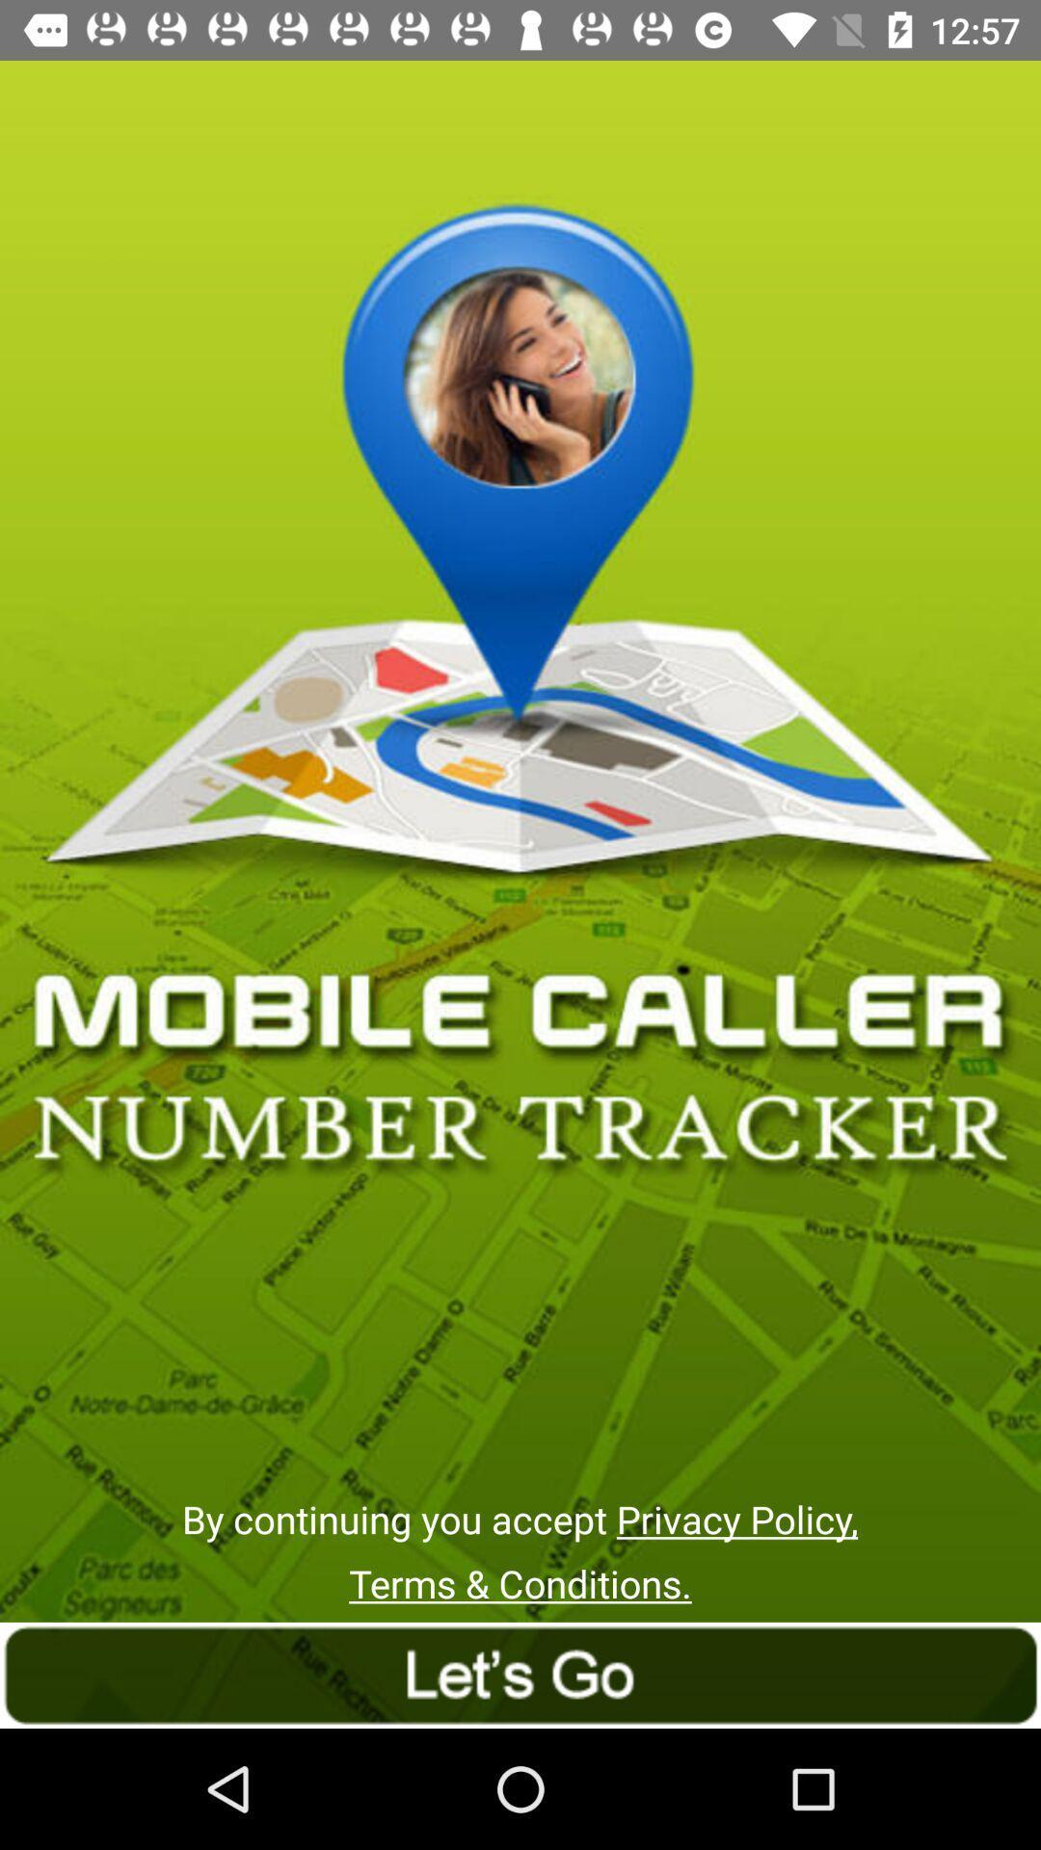 The height and width of the screenshot is (1850, 1041). Describe the element at coordinates (519, 1518) in the screenshot. I see `the icon above the terms & conditions. item` at that location.